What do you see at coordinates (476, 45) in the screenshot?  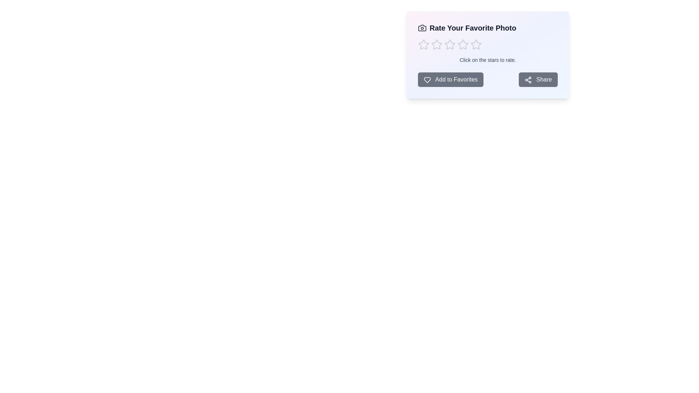 I see `the fifth star icon in the horizontal arrangement to rate it in the 'Rate Your Favorite Photo' section` at bounding box center [476, 45].